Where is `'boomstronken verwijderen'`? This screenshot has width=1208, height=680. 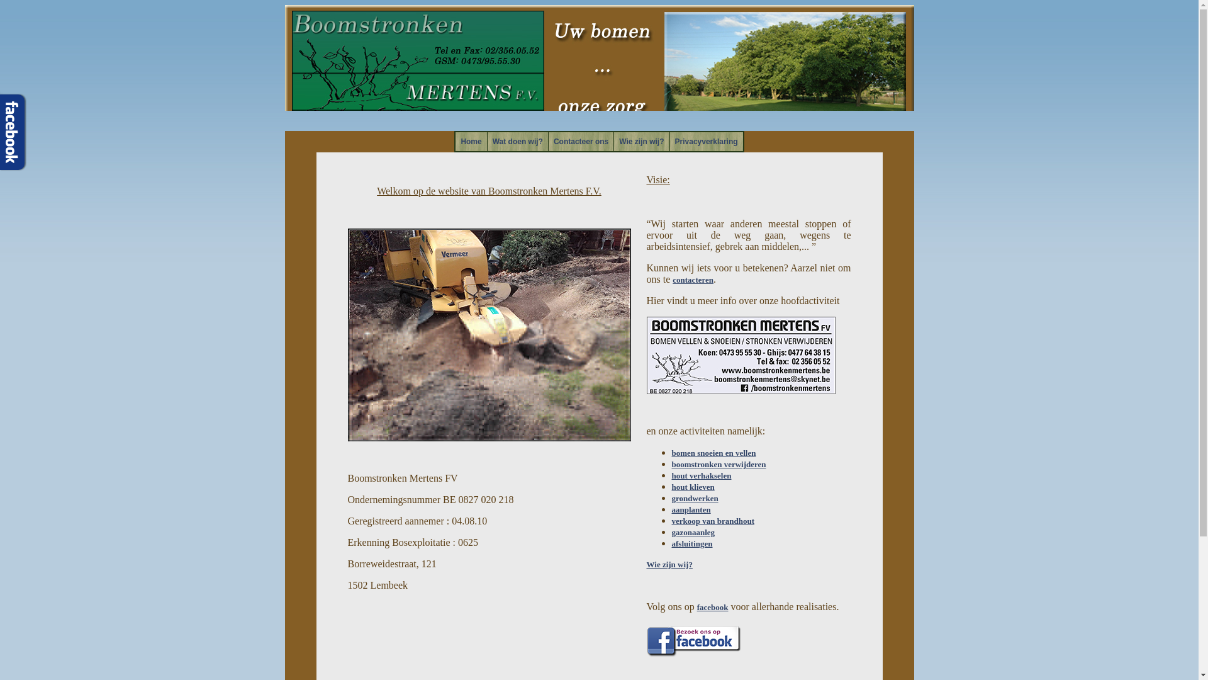 'boomstronken verwijderen' is located at coordinates (719, 464).